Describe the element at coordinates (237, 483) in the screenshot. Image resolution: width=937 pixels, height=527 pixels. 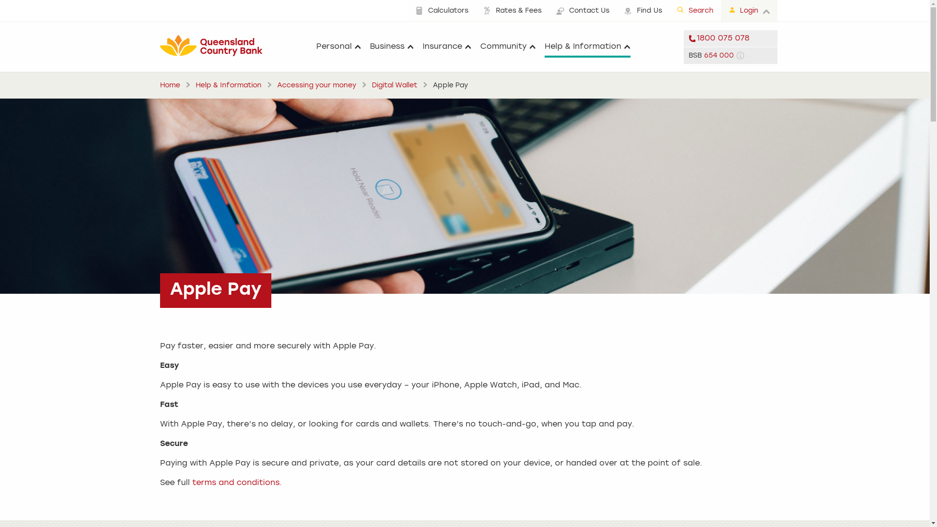
I see `'terms and conditions.'` at that location.